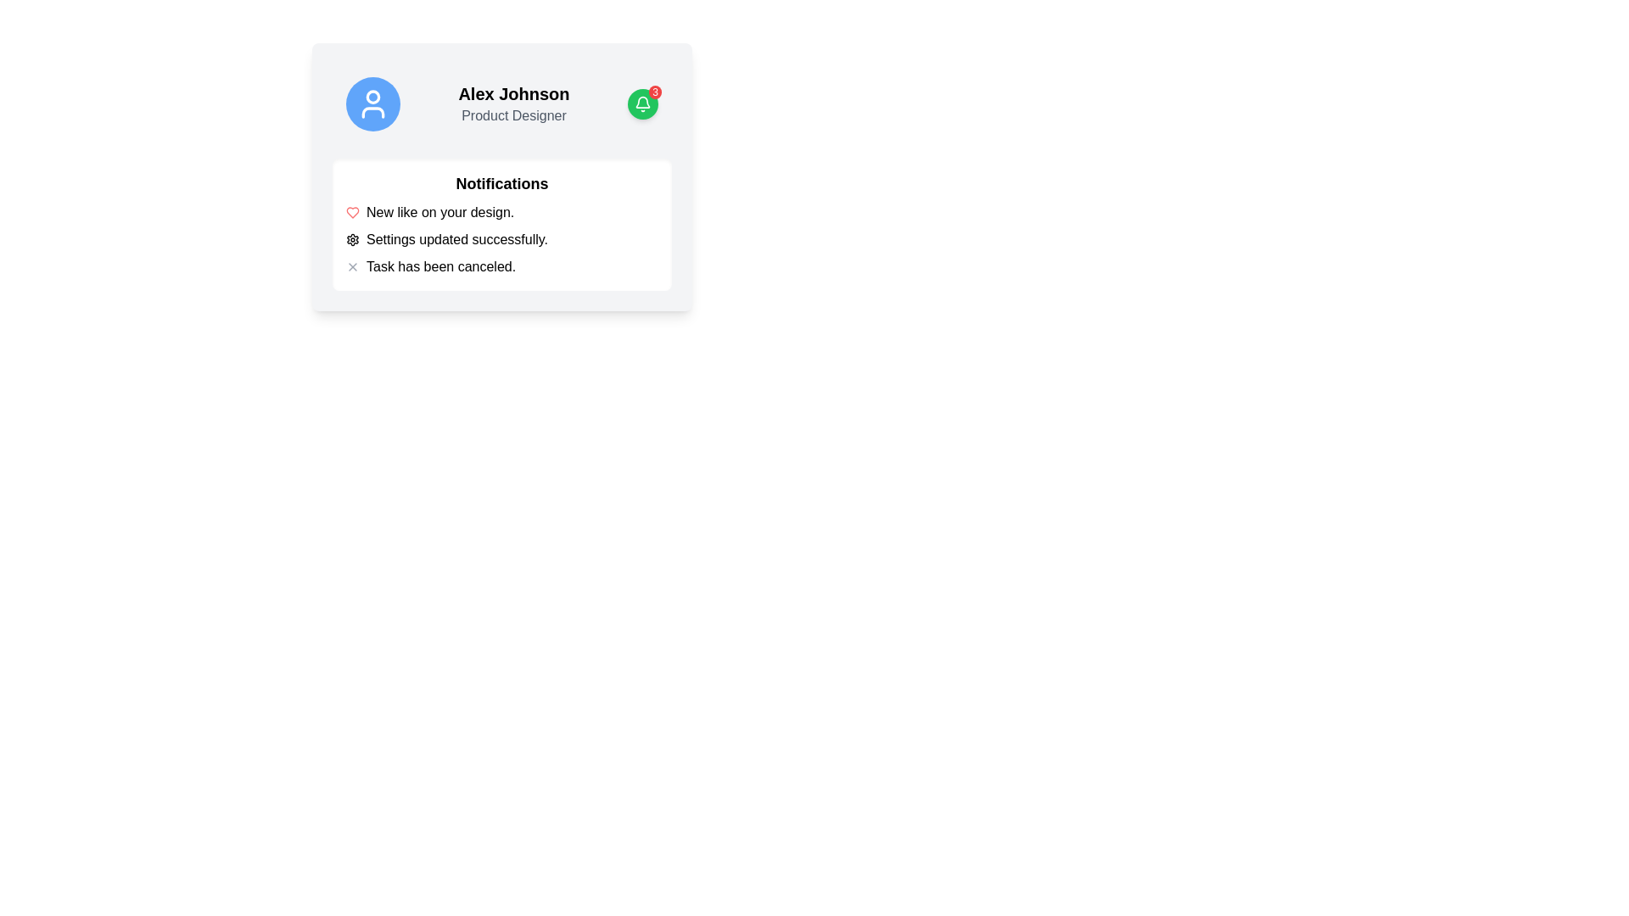  I want to click on text content of the first notification in the 'Notifications' section, which indicates that someone has liked the user's design. This text label is positioned to the right of a red heart icon, so click(440, 211).